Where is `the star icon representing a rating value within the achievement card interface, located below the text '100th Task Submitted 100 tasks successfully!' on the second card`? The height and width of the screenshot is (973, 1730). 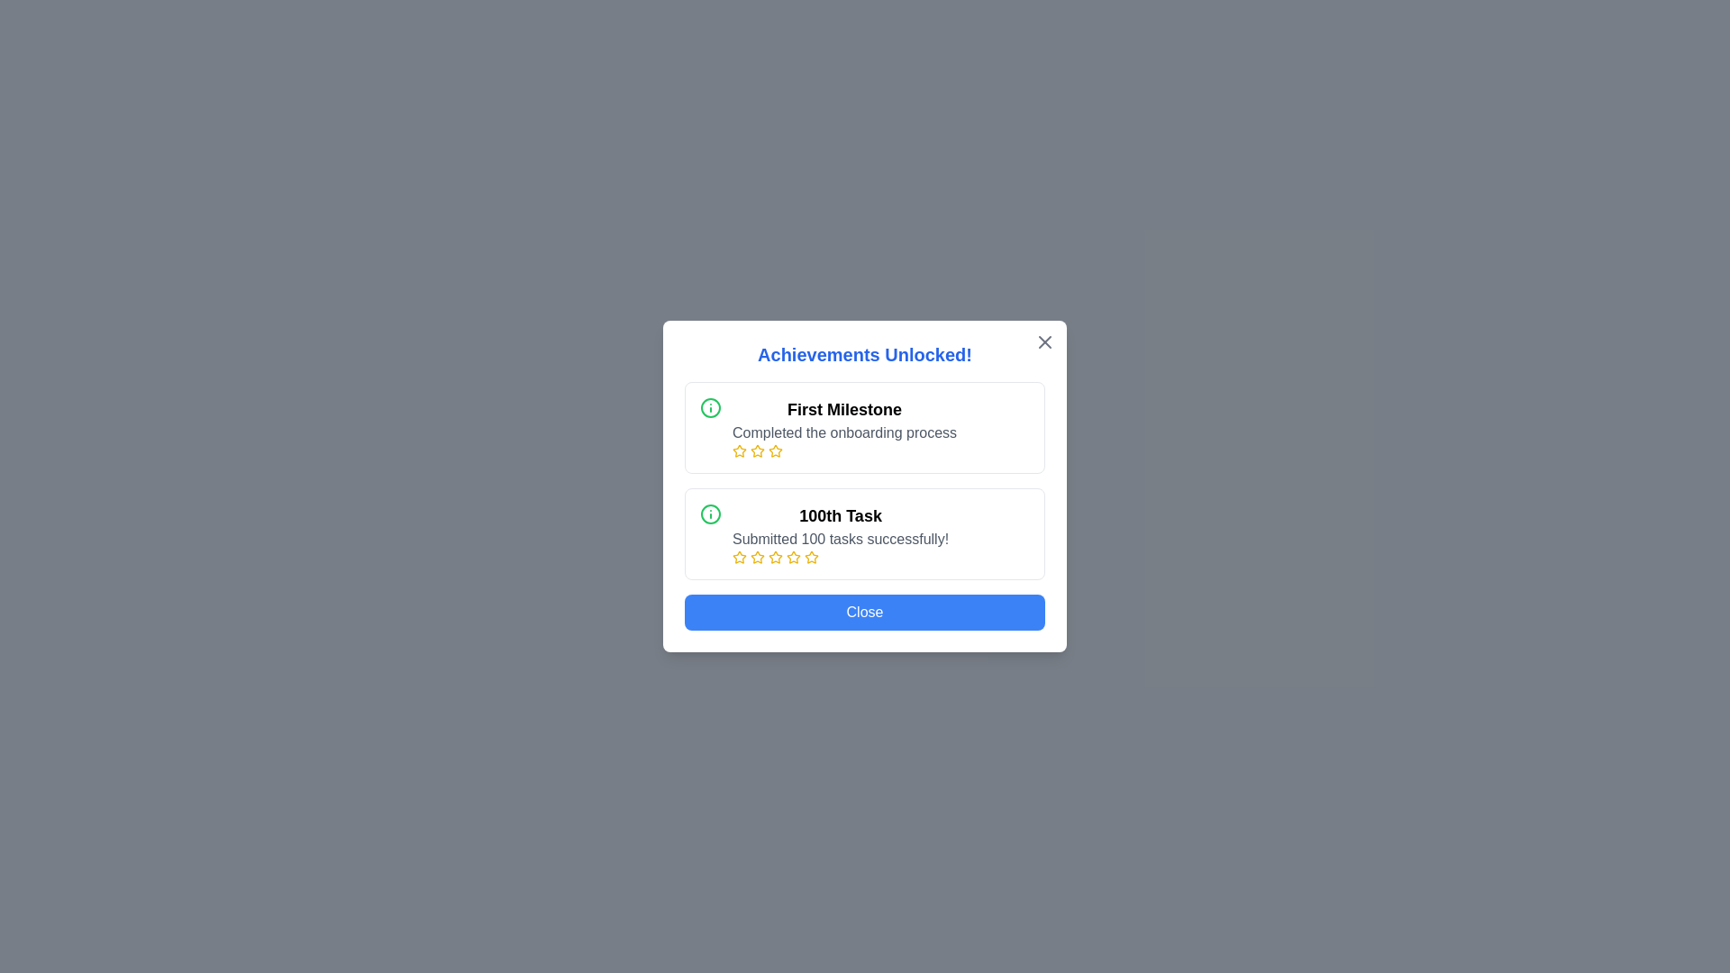 the star icon representing a rating value within the achievement card interface, located below the text '100th Task Submitted 100 tasks successfully!' on the second card is located at coordinates (793, 556).